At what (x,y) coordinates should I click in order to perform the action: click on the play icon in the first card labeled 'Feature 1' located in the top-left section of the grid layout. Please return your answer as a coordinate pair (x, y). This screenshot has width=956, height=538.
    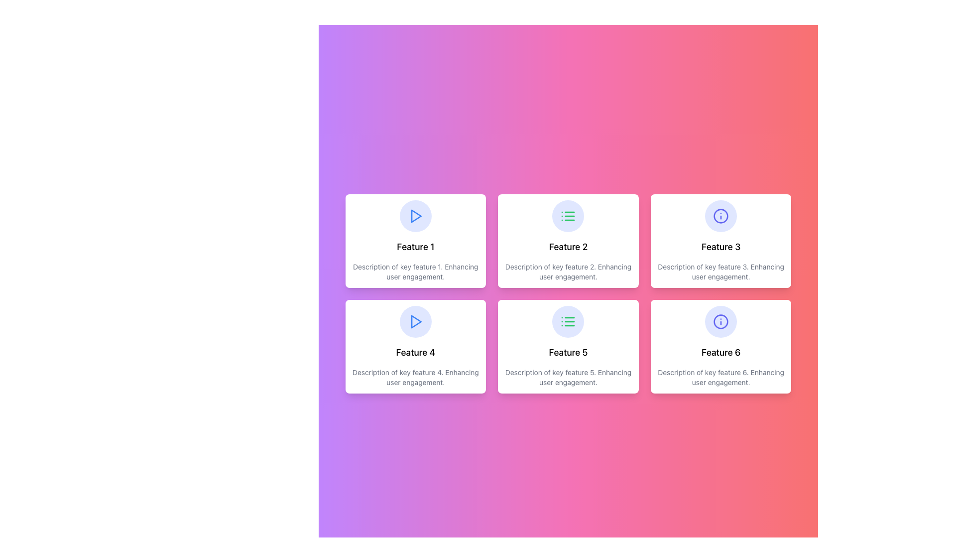
    Looking at the image, I should click on (415, 216).